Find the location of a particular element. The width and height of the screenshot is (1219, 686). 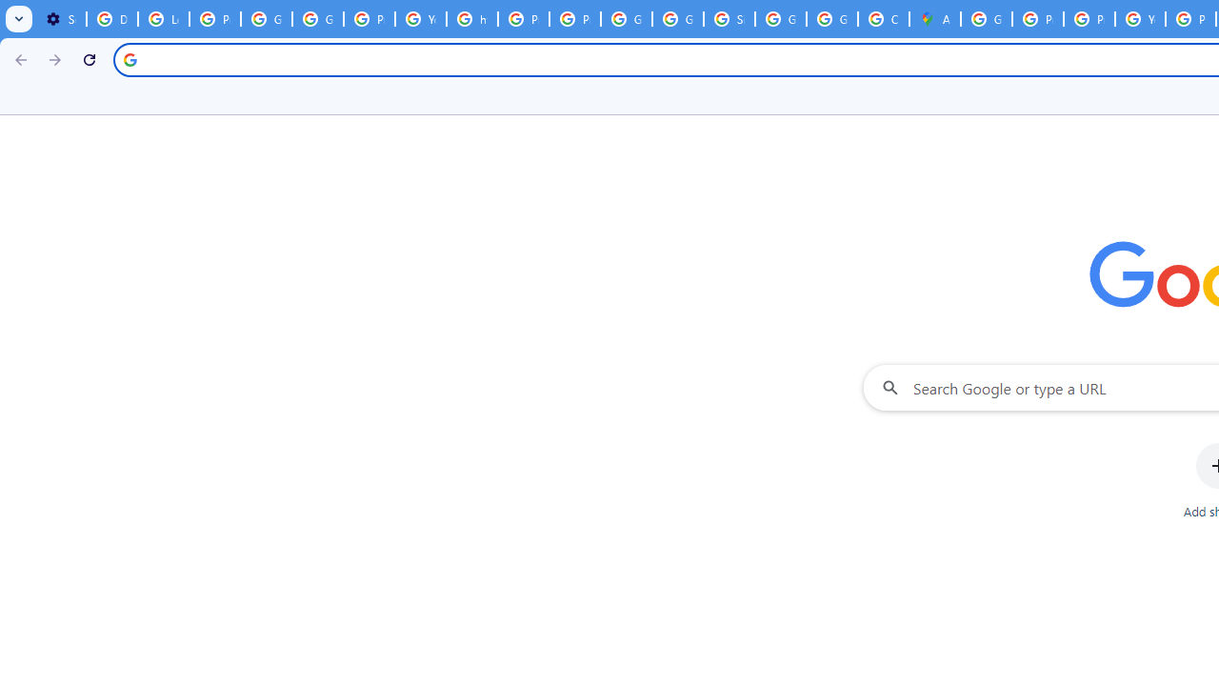

'Delete photos & videos - Computer - Google Photos Help' is located at coordinates (110, 19).